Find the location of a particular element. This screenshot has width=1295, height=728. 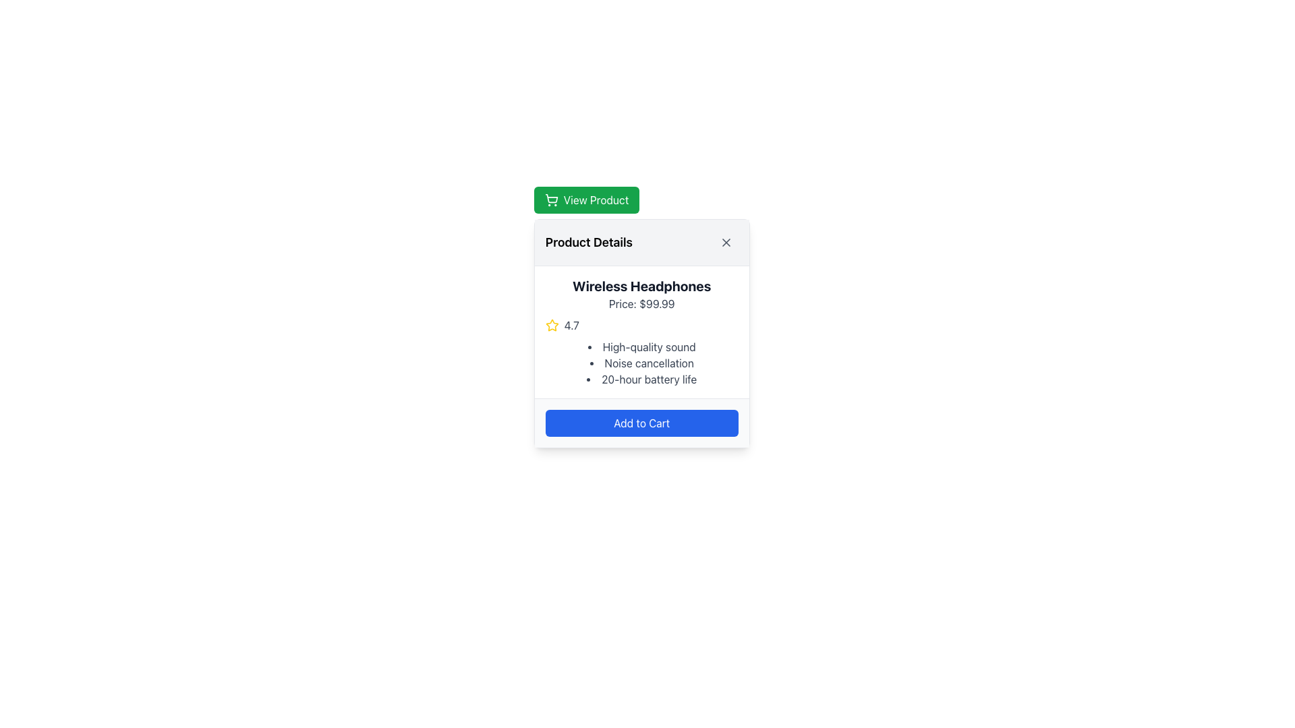

the button at the center of the product details card is located at coordinates (641, 423).